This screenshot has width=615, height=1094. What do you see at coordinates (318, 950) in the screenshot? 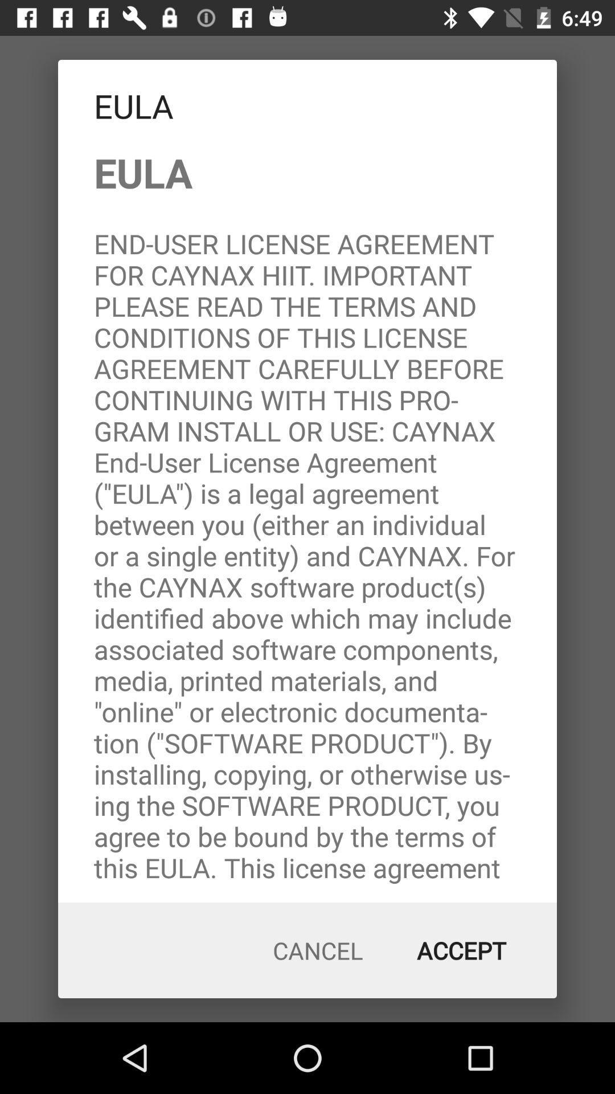
I see `item at the bottom` at bounding box center [318, 950].